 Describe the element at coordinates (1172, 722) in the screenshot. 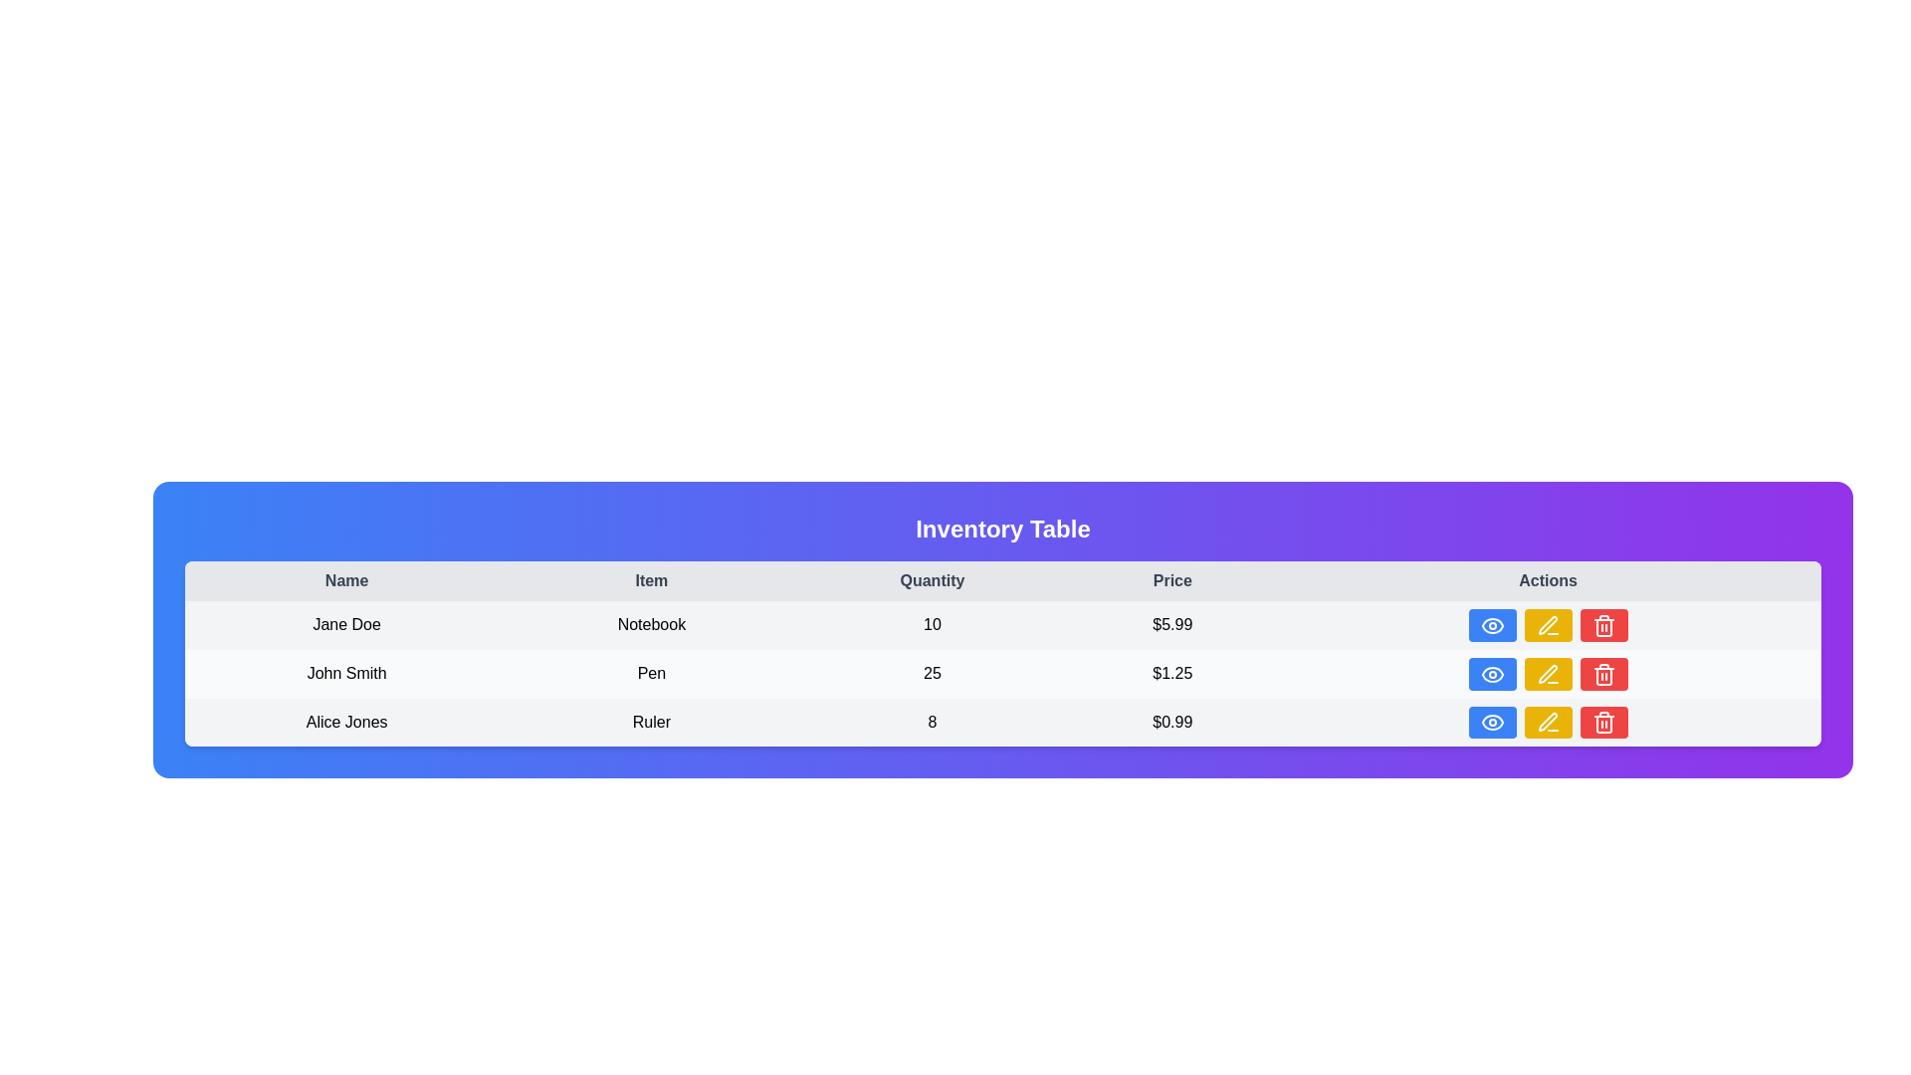

I see `text value '$0.99' from the Text label in the fourth column of the third row in the table, which is displayed in black over a gray background` at that location.